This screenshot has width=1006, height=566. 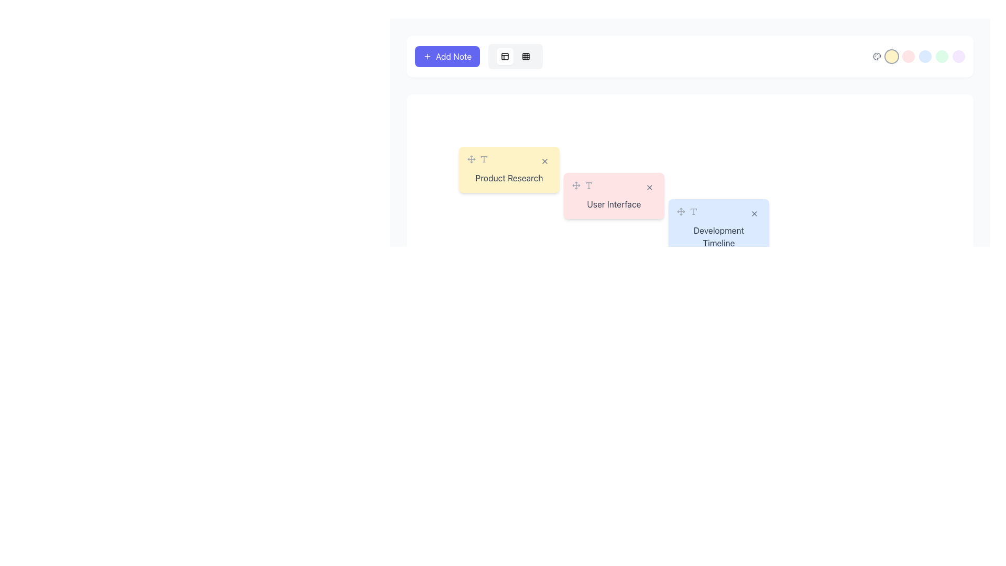 I want to click on the light gray four-direction move arrow icon located in the top-right part of the interface, positioned to the left of its sibling icon, so click(x=681, y=212).